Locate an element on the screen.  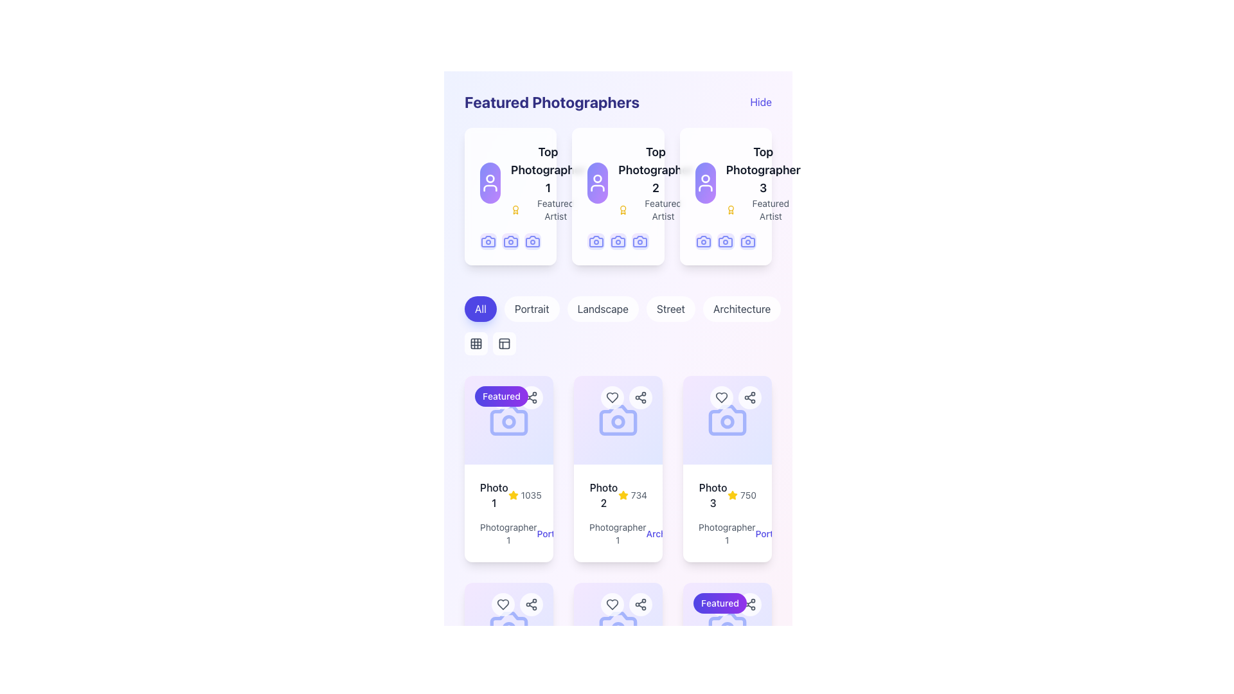
the 'like' or 'favorite' icon located in the top right corner of the card in the second row and third column is located at coordinates (612, 605).